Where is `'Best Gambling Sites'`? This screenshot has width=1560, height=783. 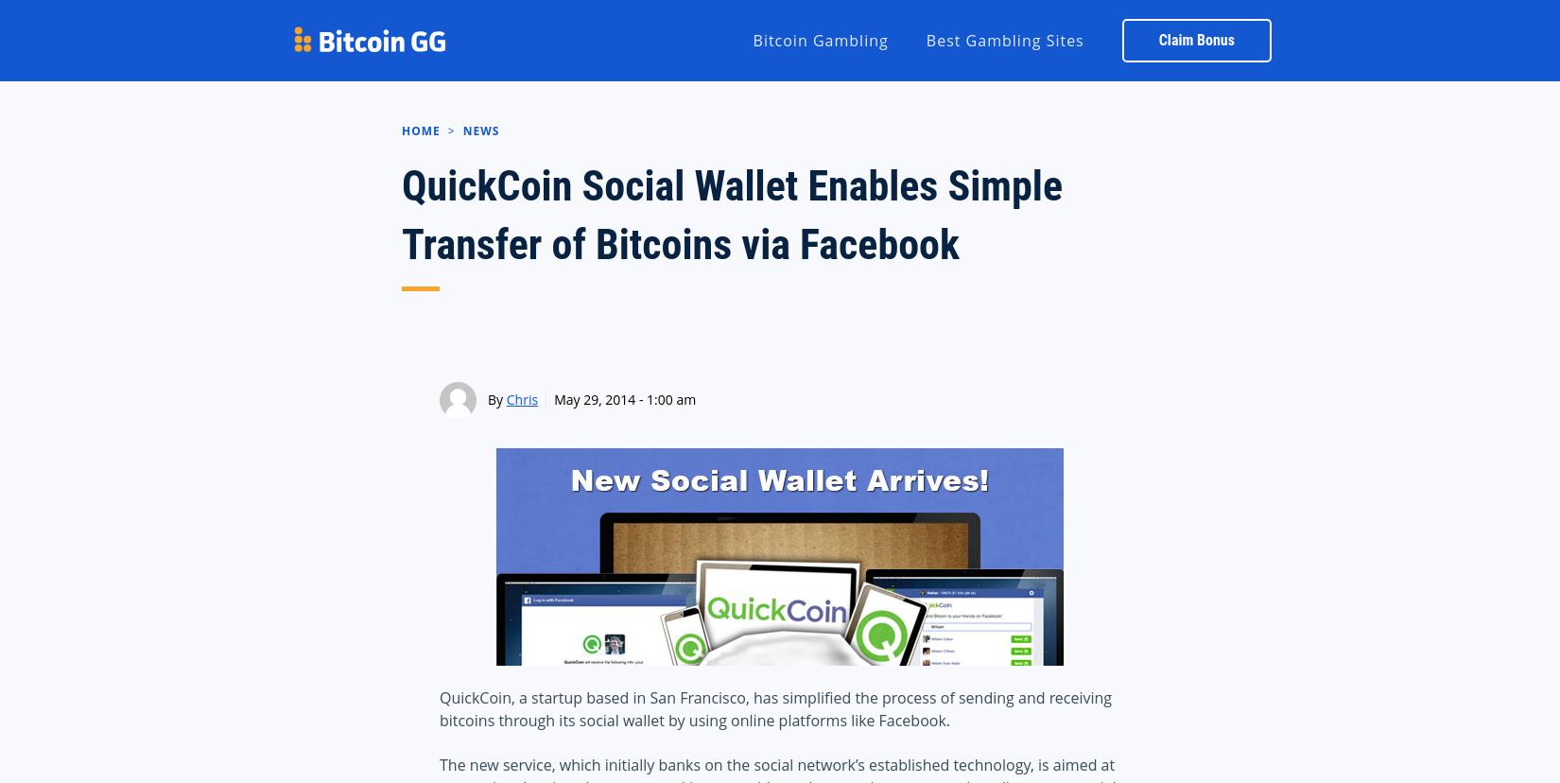
'Best Gambling Sites' is located at coordinates (925, 38).